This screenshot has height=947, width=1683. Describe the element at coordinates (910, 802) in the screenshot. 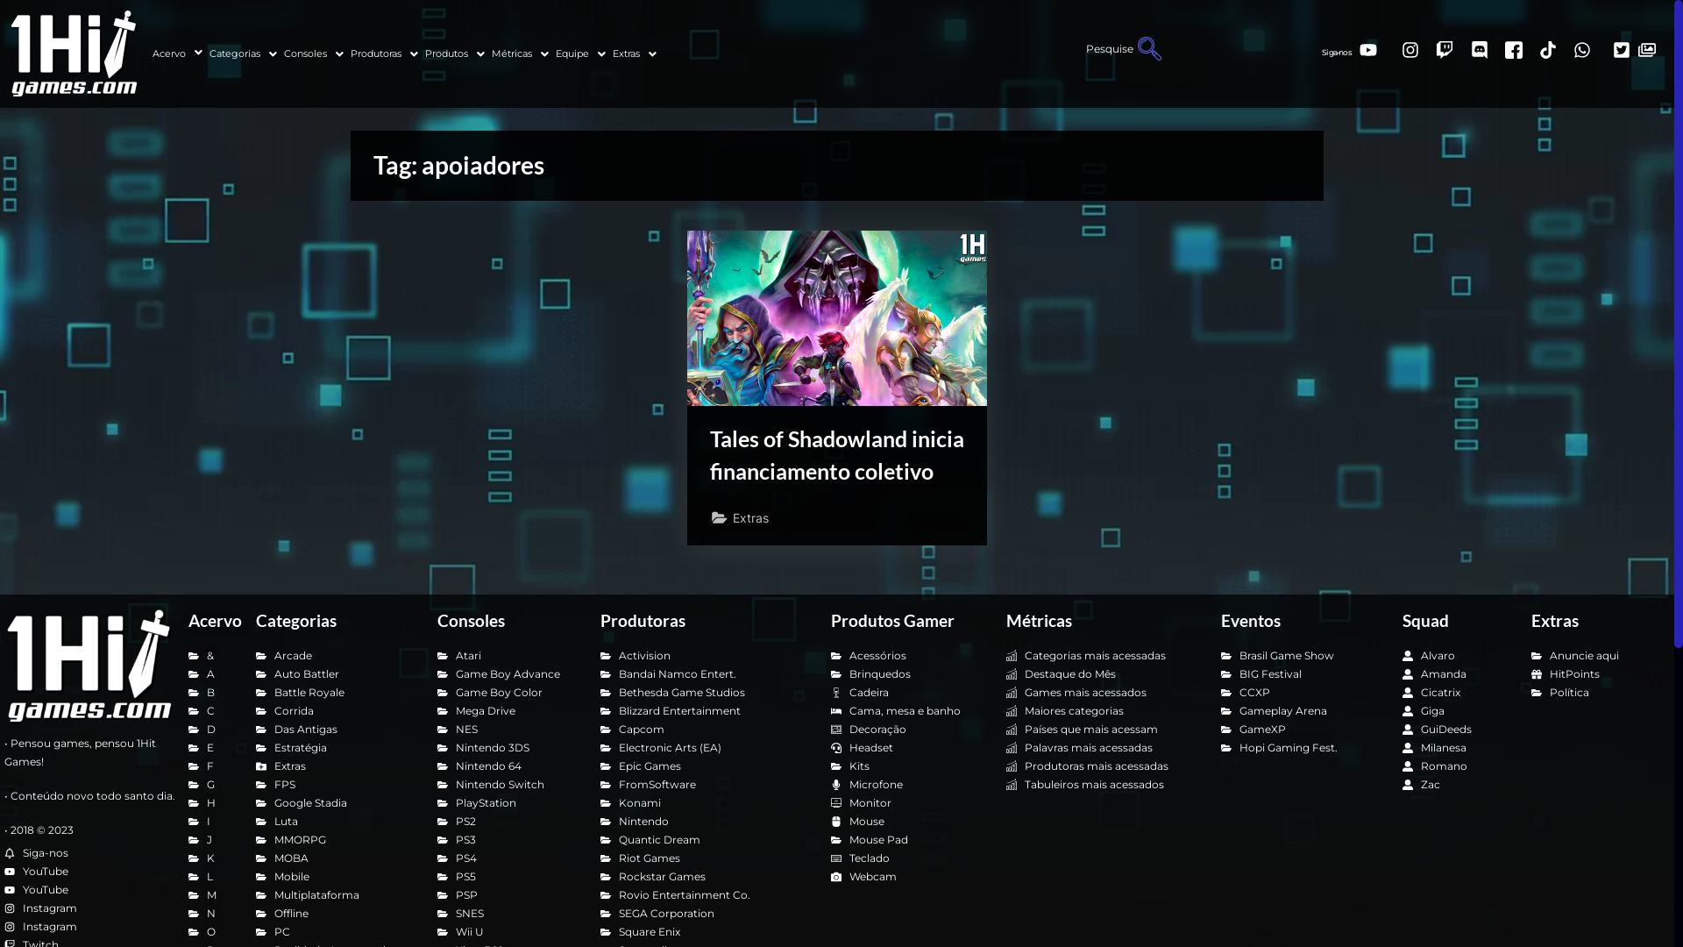

I see `'Monitor'` at that location.